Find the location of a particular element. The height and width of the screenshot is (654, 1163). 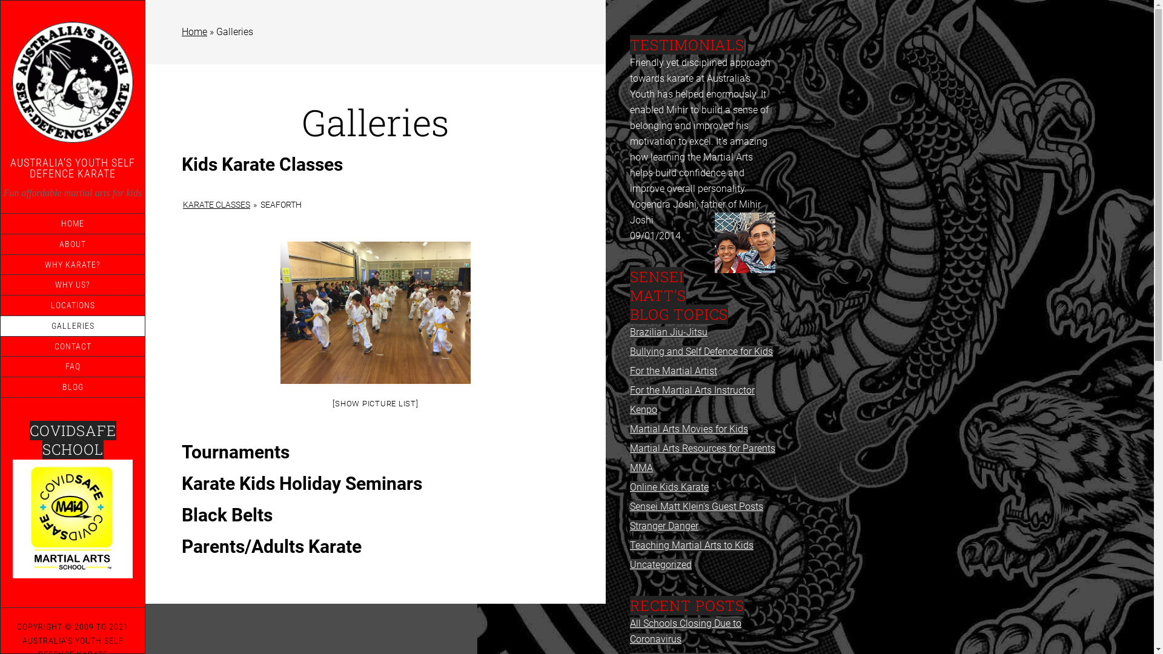

'FAQ' is located at coordinates (72, 366).